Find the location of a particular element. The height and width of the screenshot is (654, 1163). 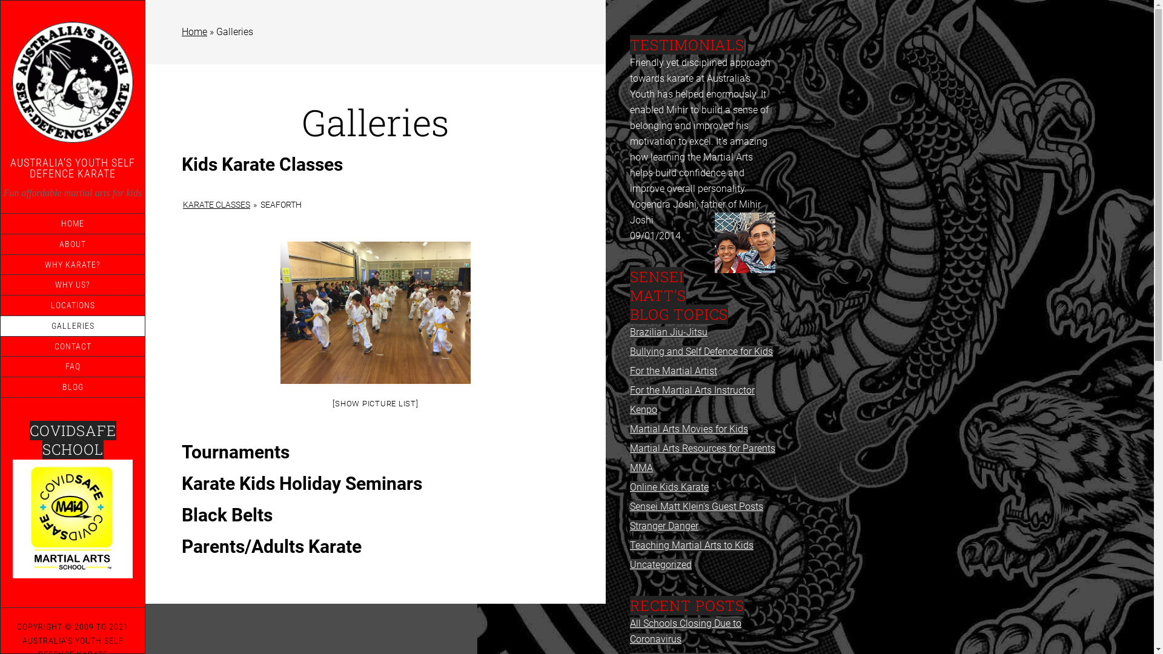

'FAQ' is located at coordinates (72, 366).